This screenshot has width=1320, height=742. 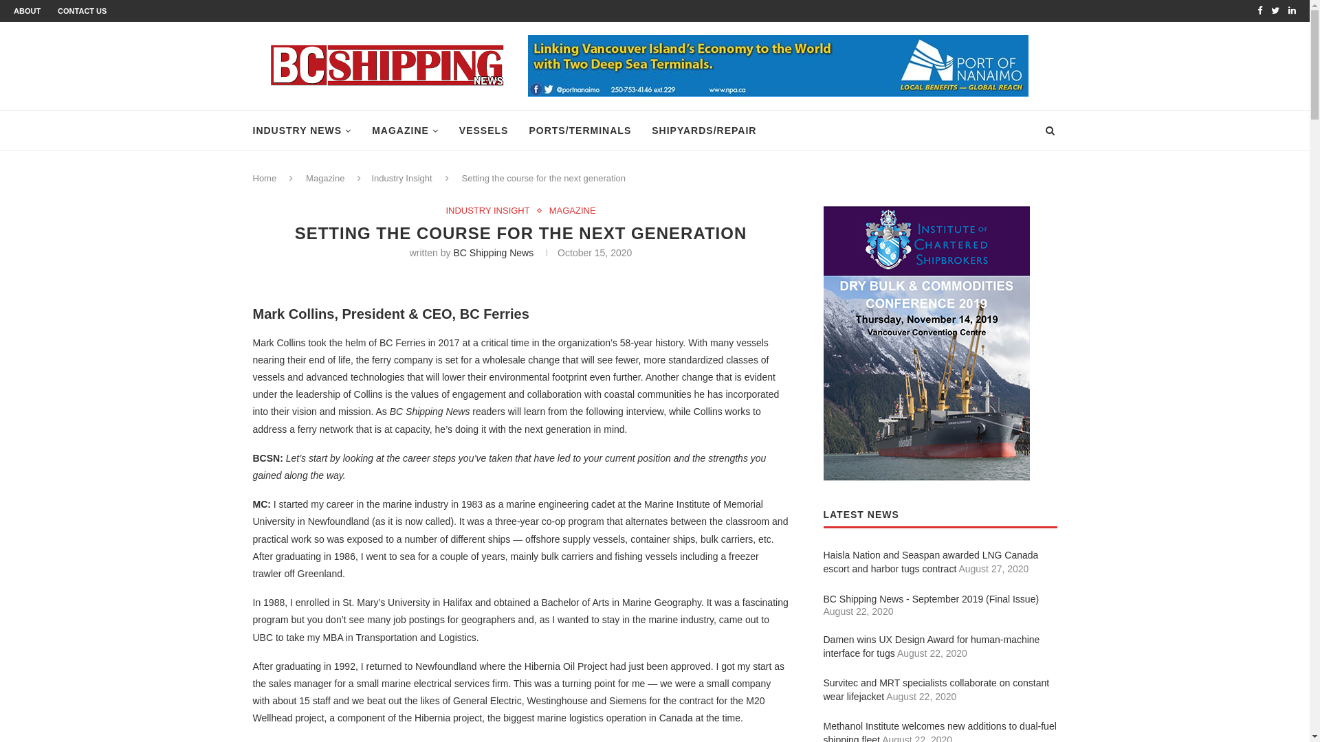 I want to click on 'INDUSTRY INSIGHT', so click(x=491, y=211).